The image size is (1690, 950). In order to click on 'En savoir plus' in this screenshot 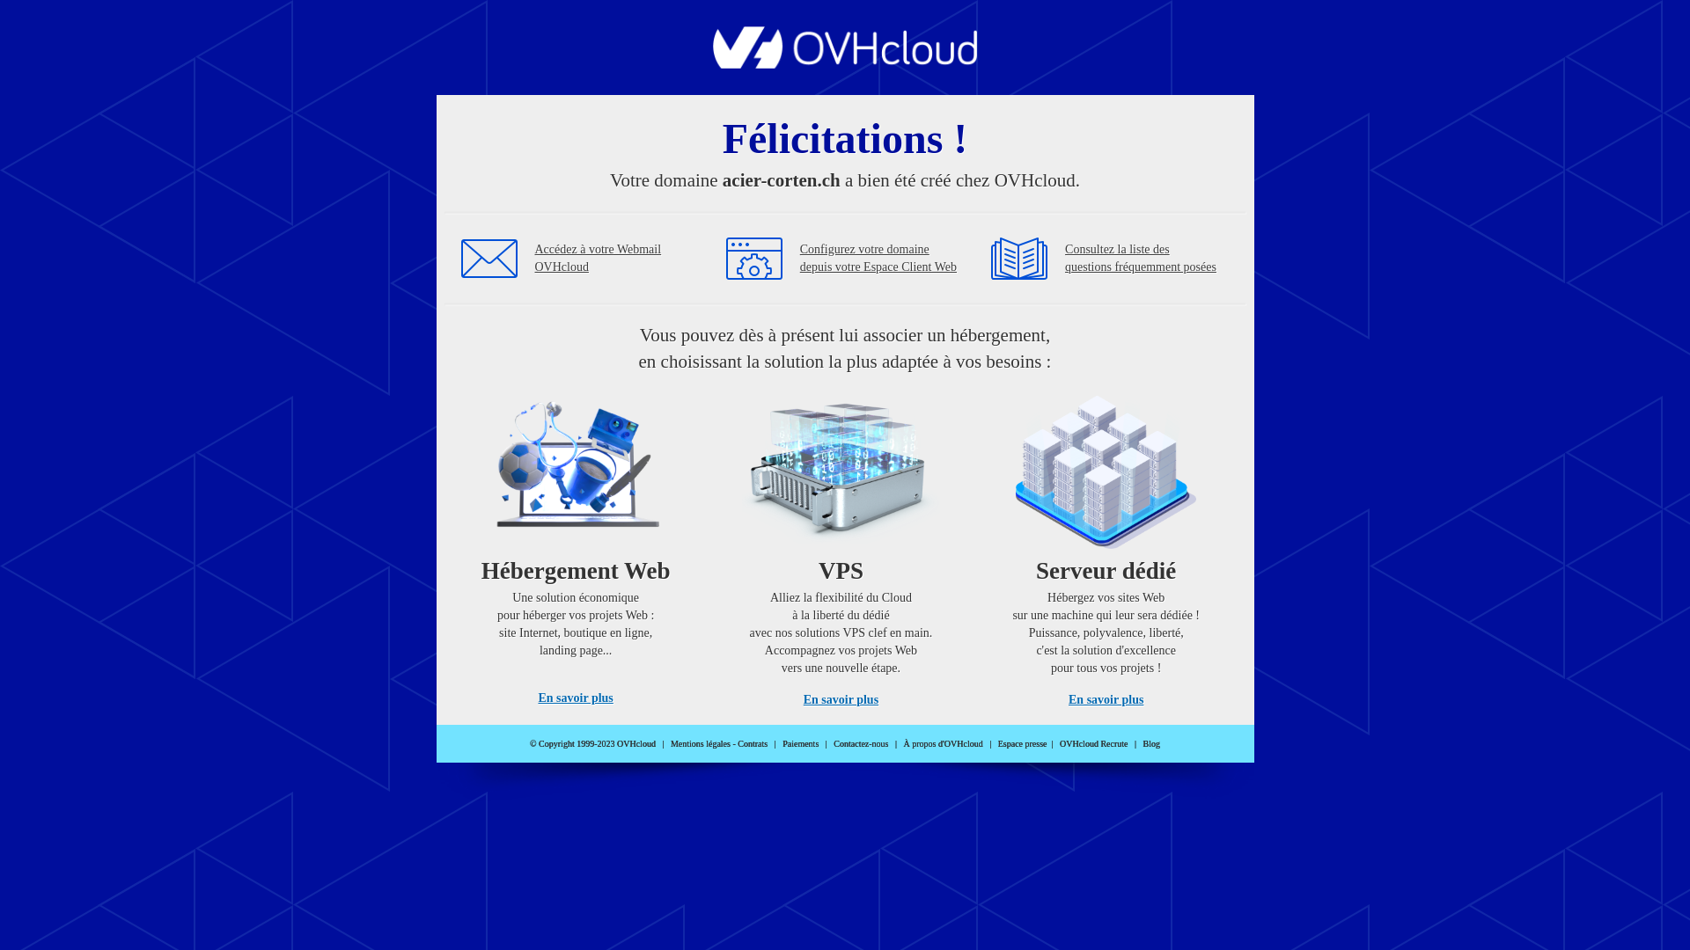, I will do `click(575, 697)`.